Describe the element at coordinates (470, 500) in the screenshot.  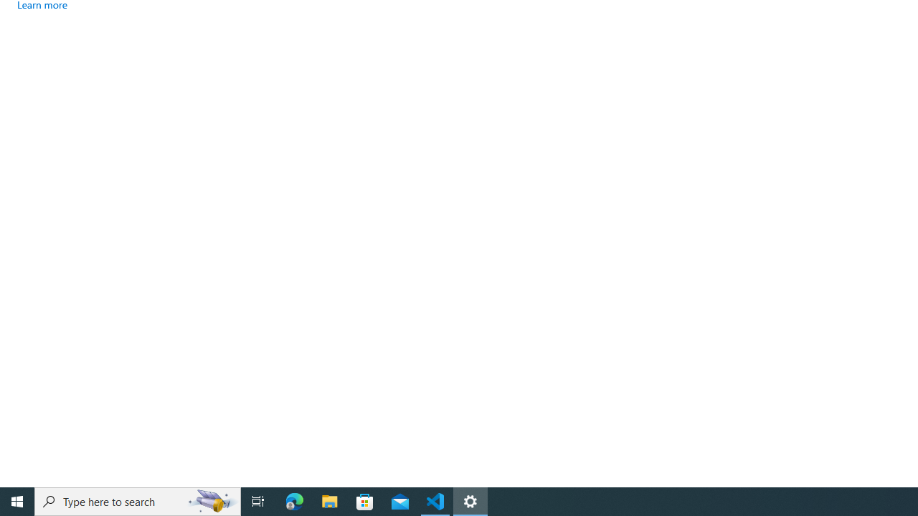
I see `'Settings - 1 running window'` at that location.